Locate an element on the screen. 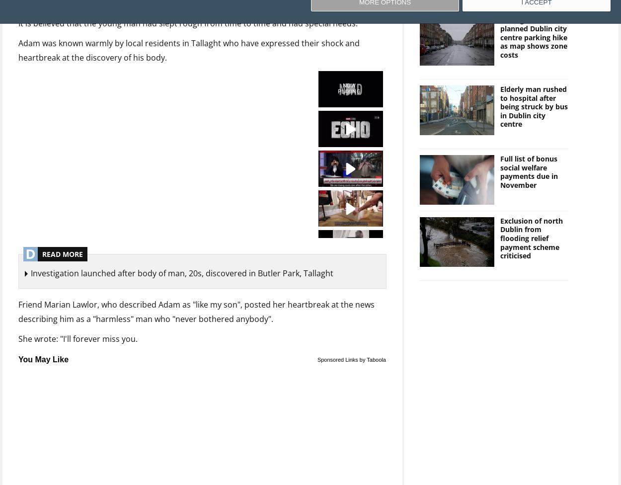 This screenshot has width=621, height=485. 'Read More' is located at coordinates (63, 253).